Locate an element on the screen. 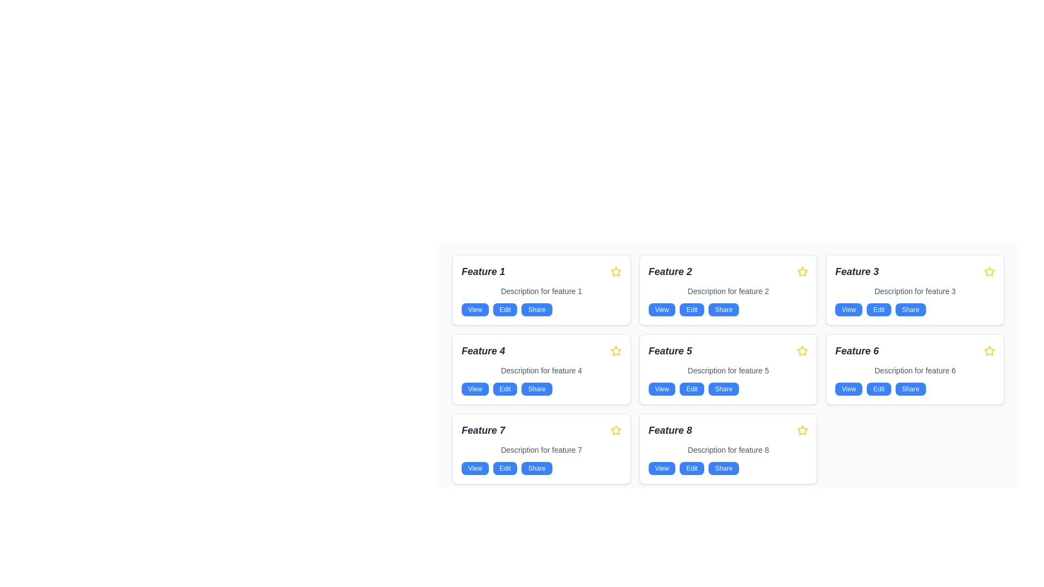 Image resolution: width=1044 pixels, height=587 pixels. the 'Feature 8' text label, which is bold, italicized, and colored dark gray, located in the bottom-right card of the feature cards grid is located at coordinates (669, 429).